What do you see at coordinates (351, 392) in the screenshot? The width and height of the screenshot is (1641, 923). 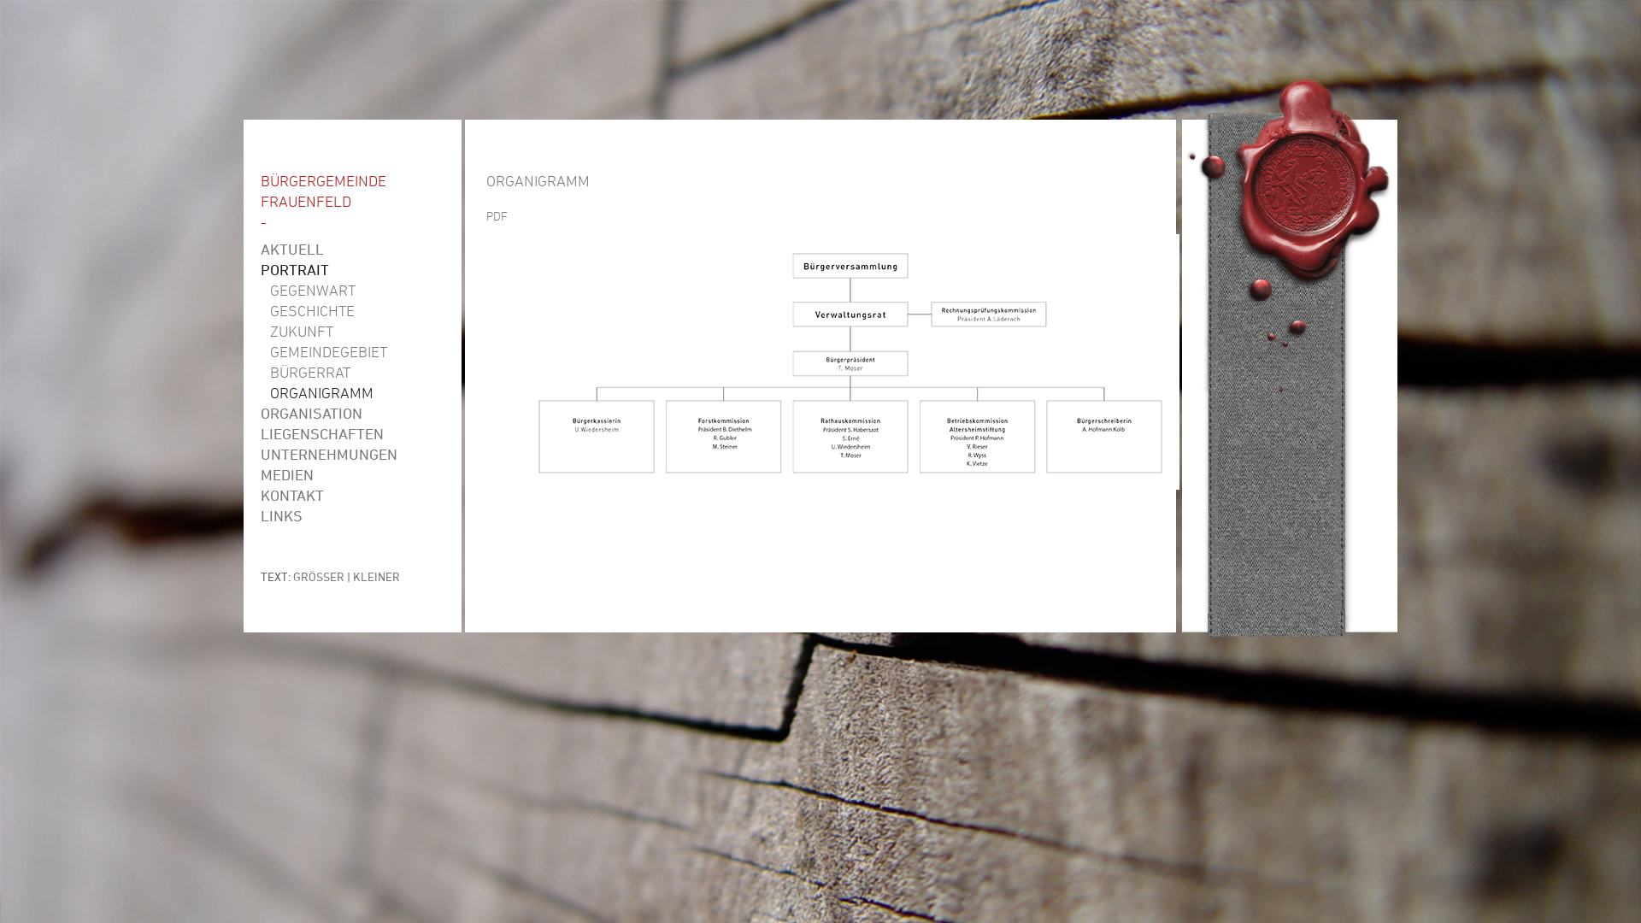 I see `'ORGANIGRAMM'` at bounding box center [351, 392].